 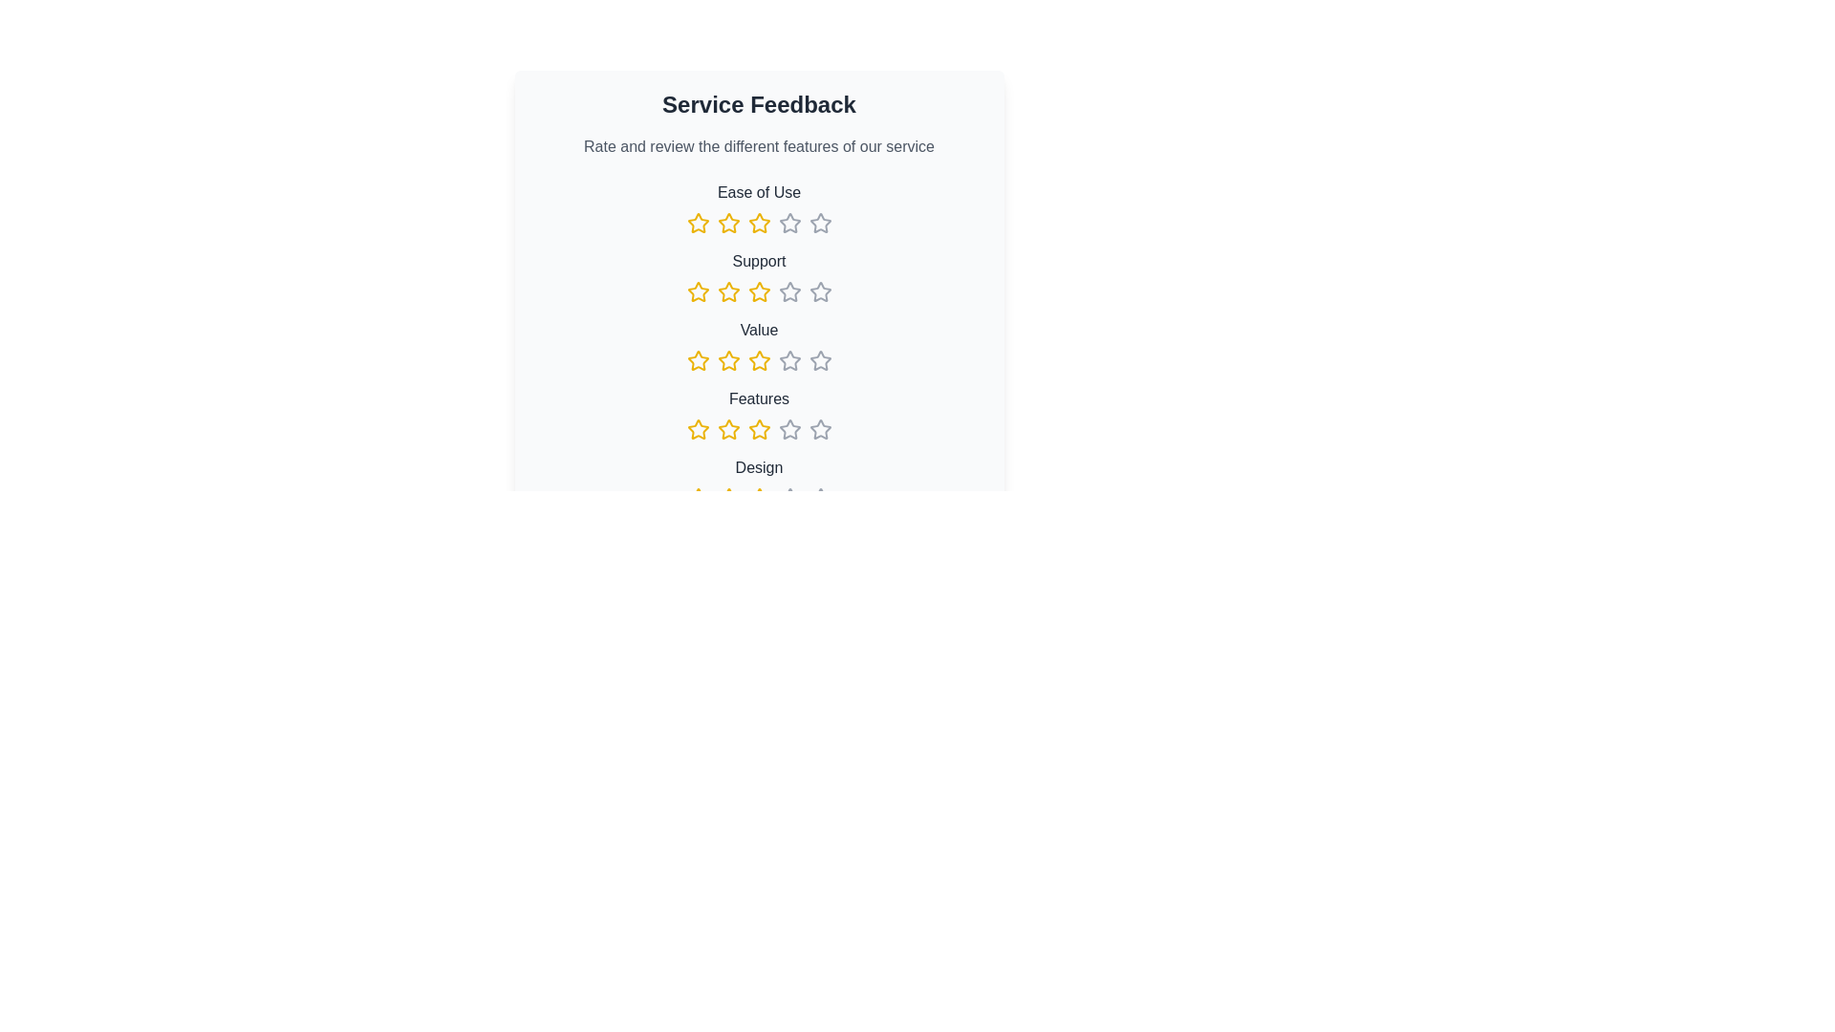 I want to click on the interactive star rating icon, which is the last star in a group of six, located at the bottom of the 'Design' section within the 'Service Feedback' form, so click(x=820, y=497).